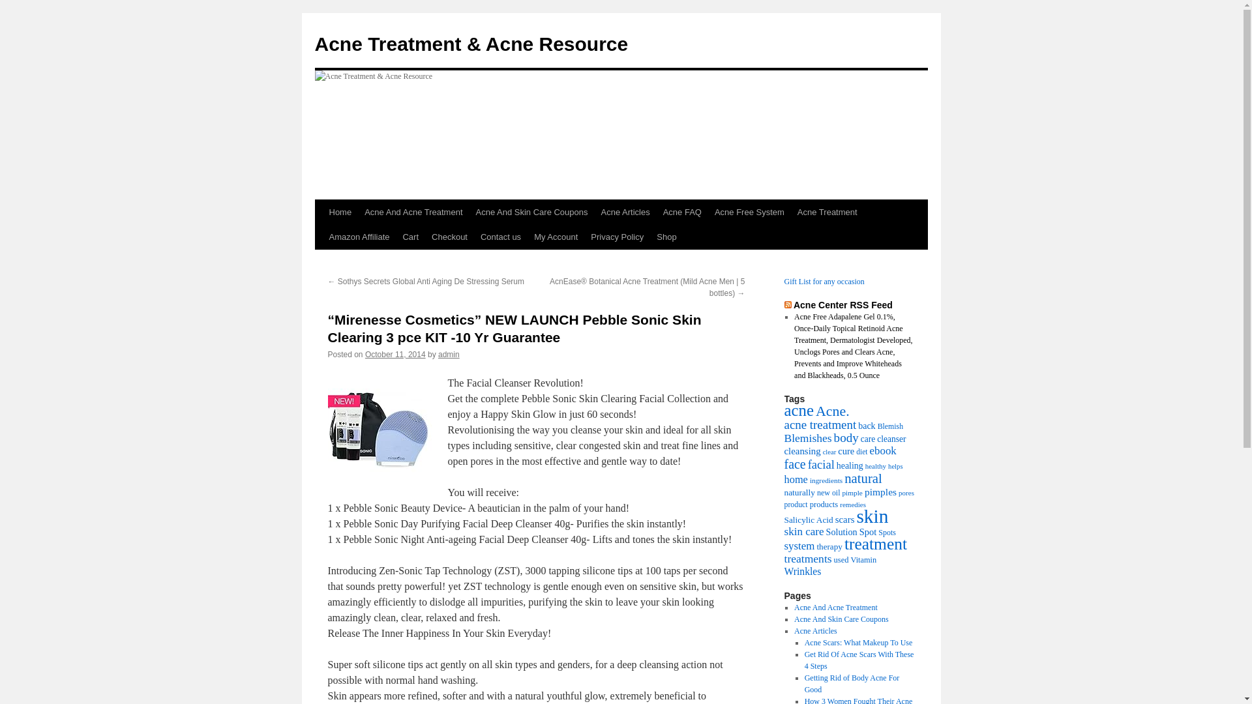 The height and width of the screenshot is (704, 1252). What do you see at coordinates (815, 630) in the screenshot?
I see `'Acne Articles'` at bounding box center [815, 630].